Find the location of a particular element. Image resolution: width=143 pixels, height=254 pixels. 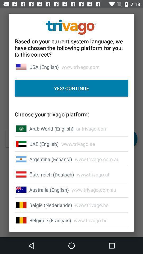

the item next to the www.trivago.be is located at coordinates (51, 205).